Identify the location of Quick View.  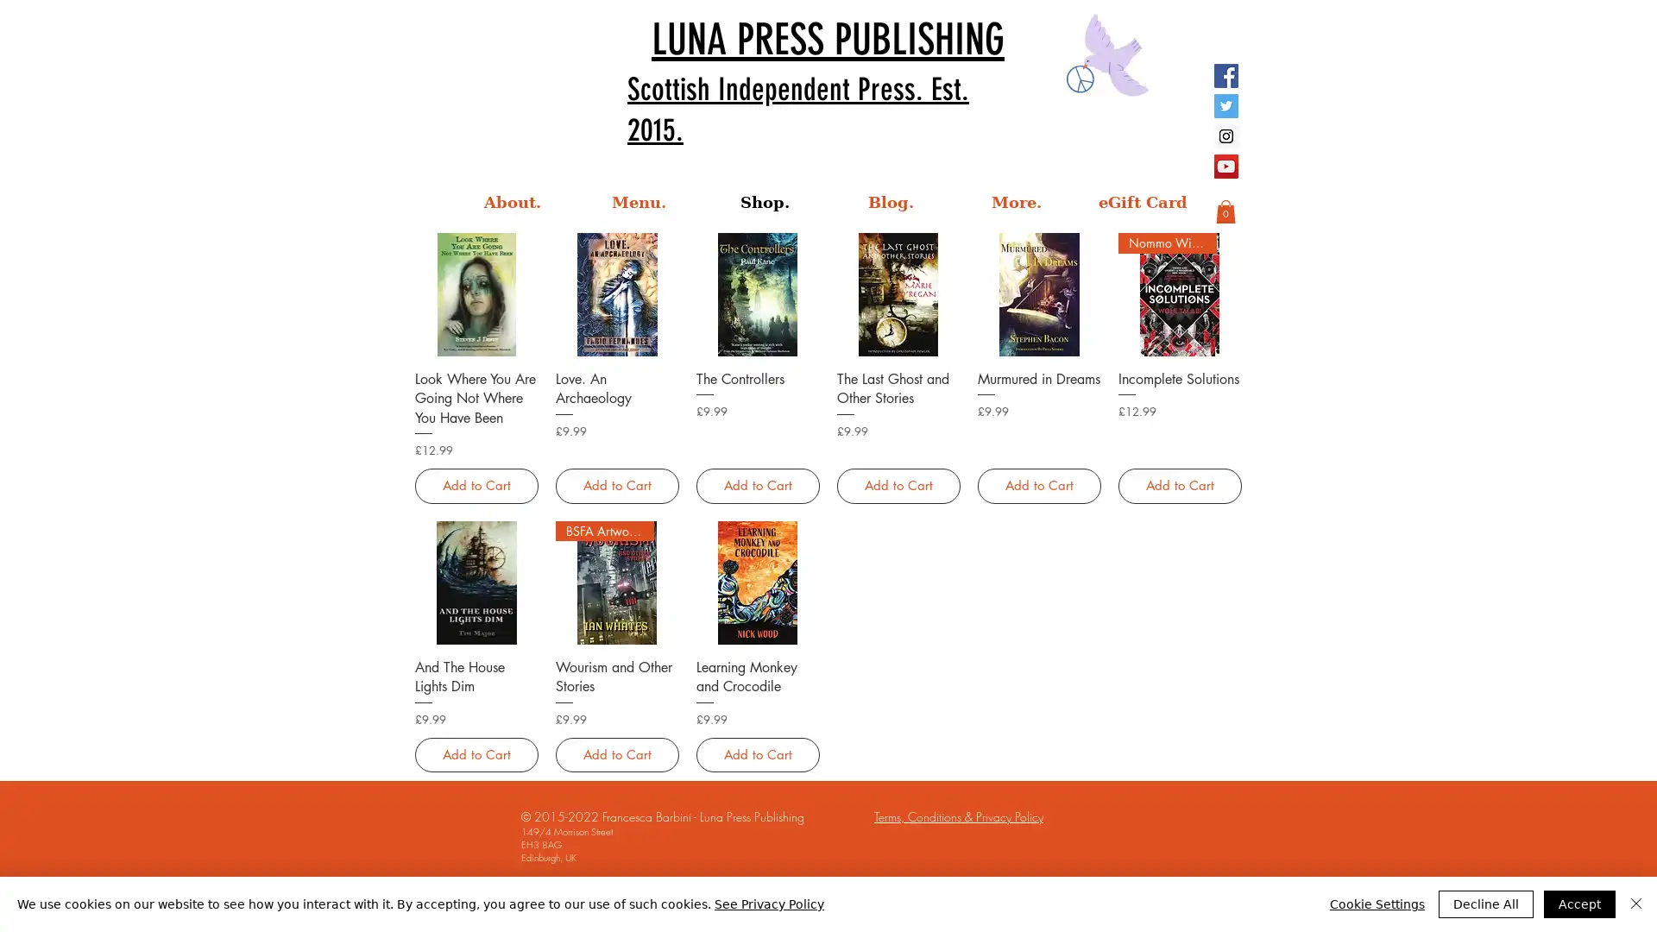
(616, 664).